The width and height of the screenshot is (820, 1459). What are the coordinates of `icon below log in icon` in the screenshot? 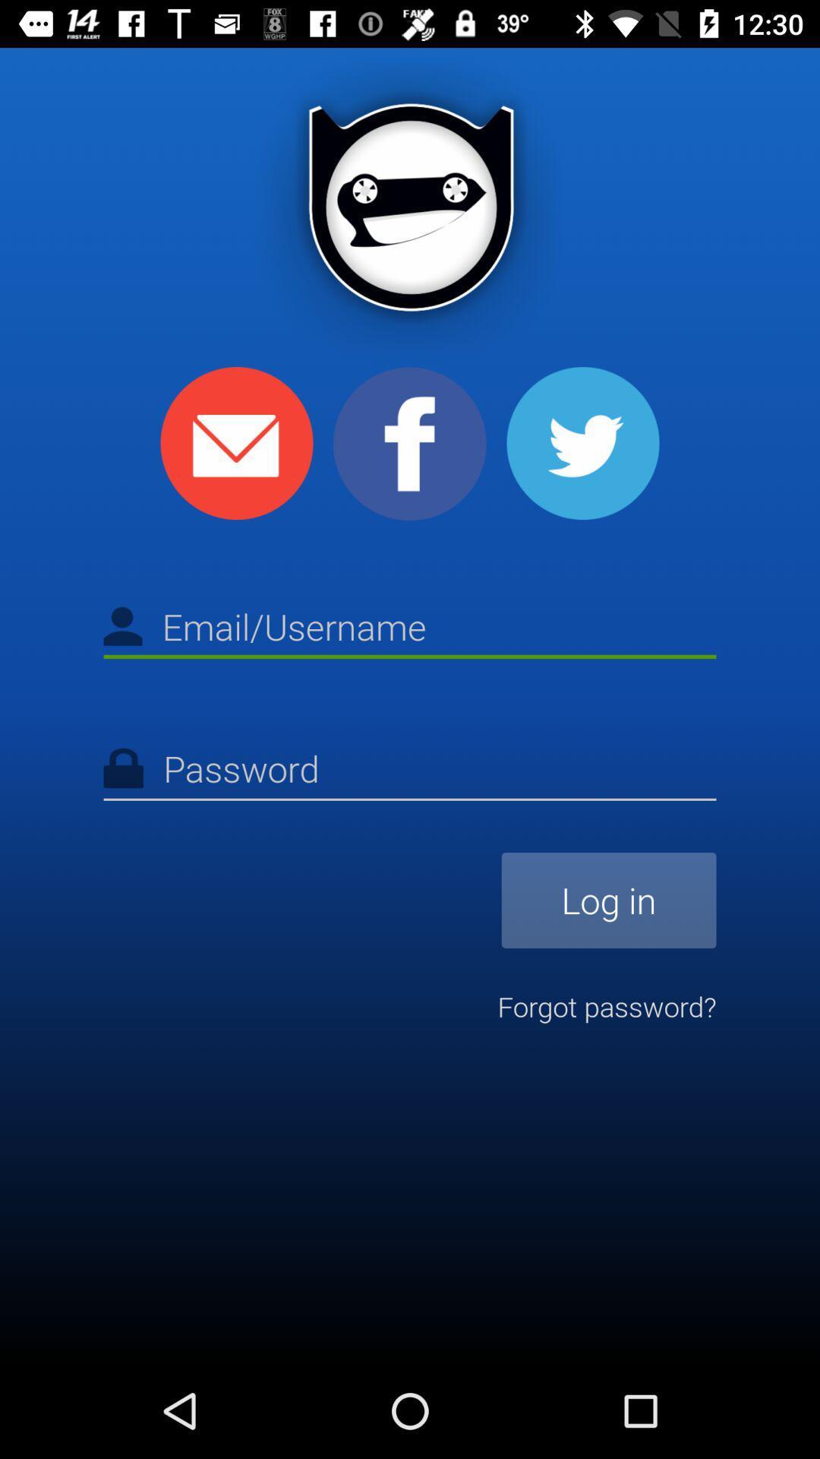 It's located at (606, 1006).